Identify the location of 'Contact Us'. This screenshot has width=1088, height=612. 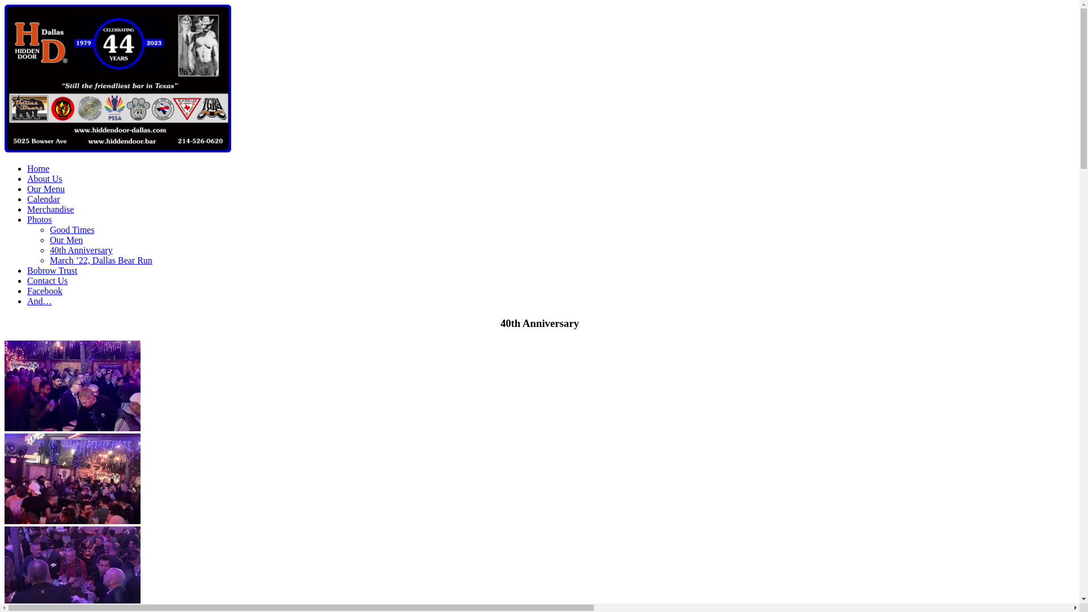
(46, 280).